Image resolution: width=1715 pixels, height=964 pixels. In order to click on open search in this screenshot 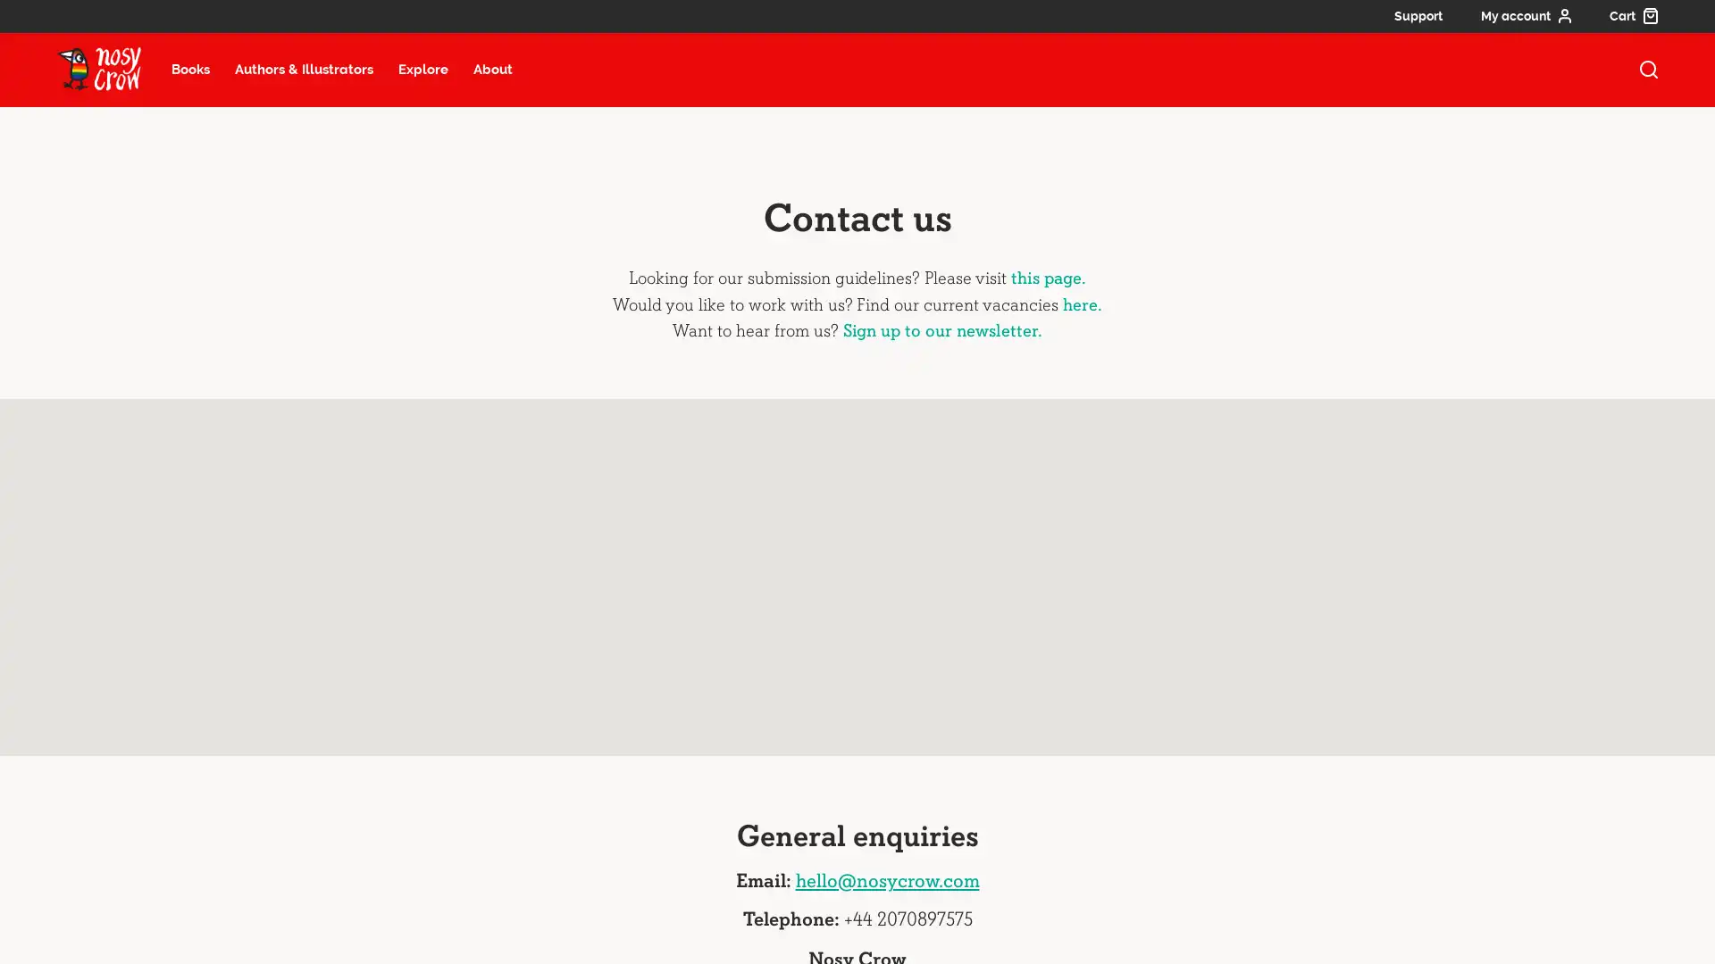, I will do `click(1648, 68)`.